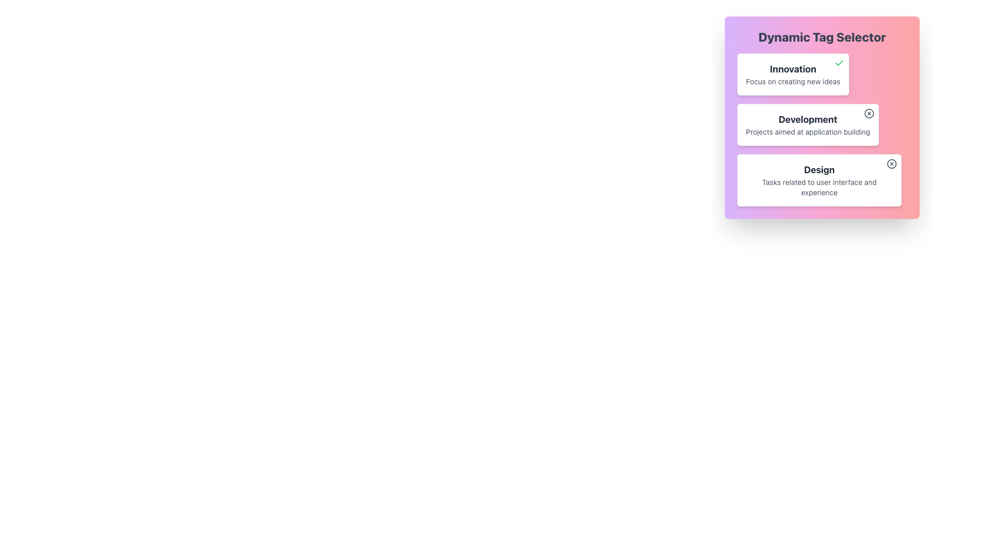 Image resolution: width=987 pixels, height=555 pixels. What do you see at coordinates (891, 163) in the screenshot?
I see `the circular close button with an outlined 'X' in its center, located at the top-right corner of the 'Design' card, which is the third card in the vertical stack` at bounding box center [891, 163].